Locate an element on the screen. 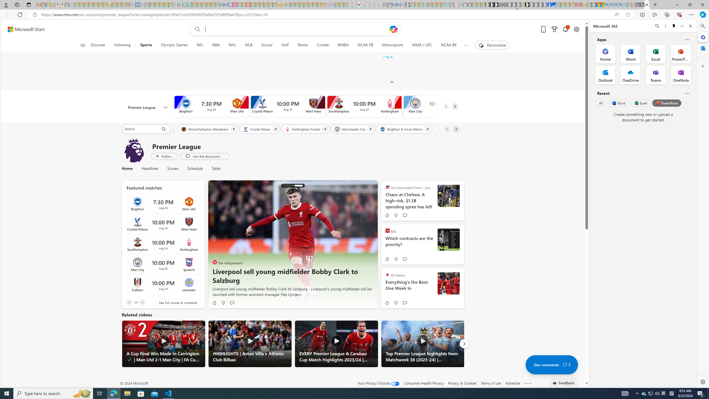 The image size is (709, 399). 'Schedule' is located at coordinates (195, 168).